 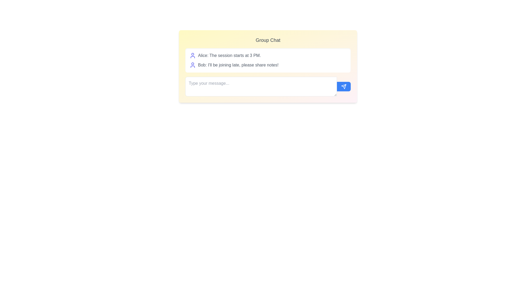 What do you see at coordinates (268, 65) in the screenshot?
I see `the chat message from user 'Bob' which reads 'I'll be joining late, please share notes!'` at bounding box center [268, 65].